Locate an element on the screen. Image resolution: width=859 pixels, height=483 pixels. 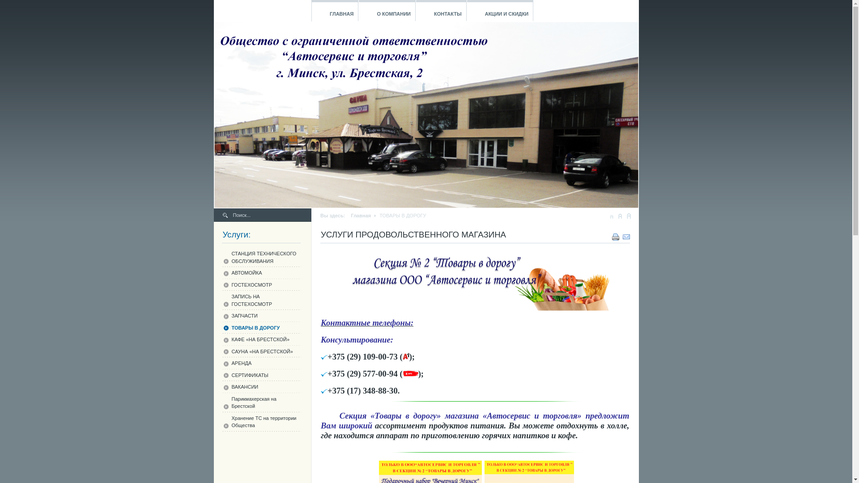
'Increase font size' is located at coordinates (628, 216).